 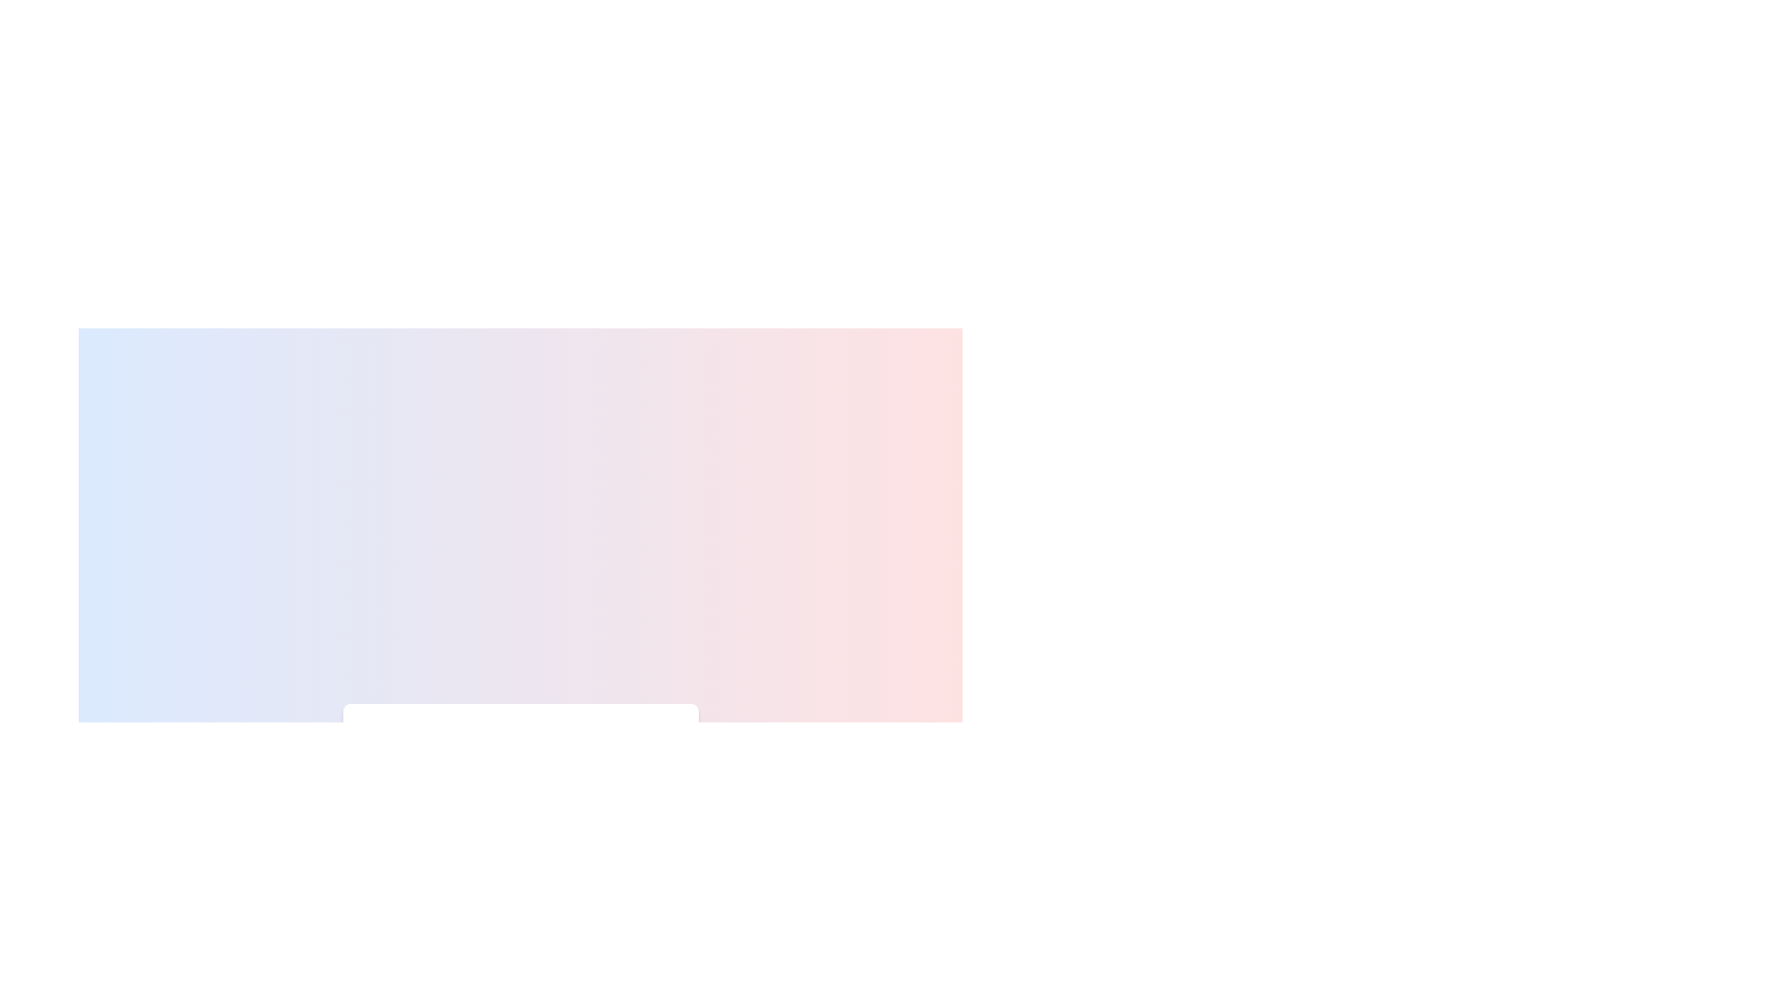 What do you see at coordinates (626, 795) in the screenshot?
I see `the temperature slider to 84%` at bounding box center [626, 795].